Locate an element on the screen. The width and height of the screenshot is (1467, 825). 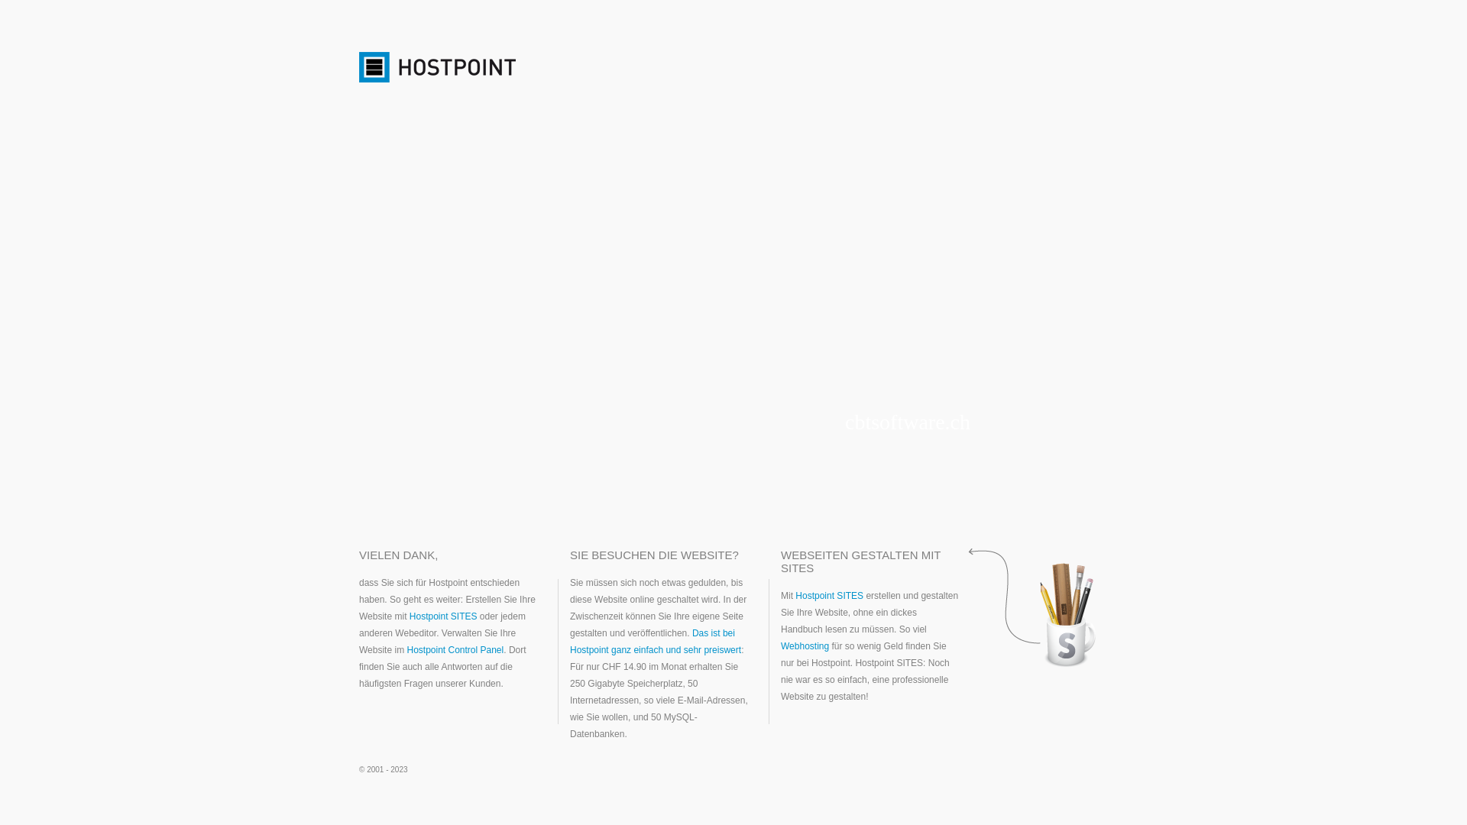
'Das ist bei Hostpoint ganz einfach und sehr preiswert' is located at coordinates (656, 642).